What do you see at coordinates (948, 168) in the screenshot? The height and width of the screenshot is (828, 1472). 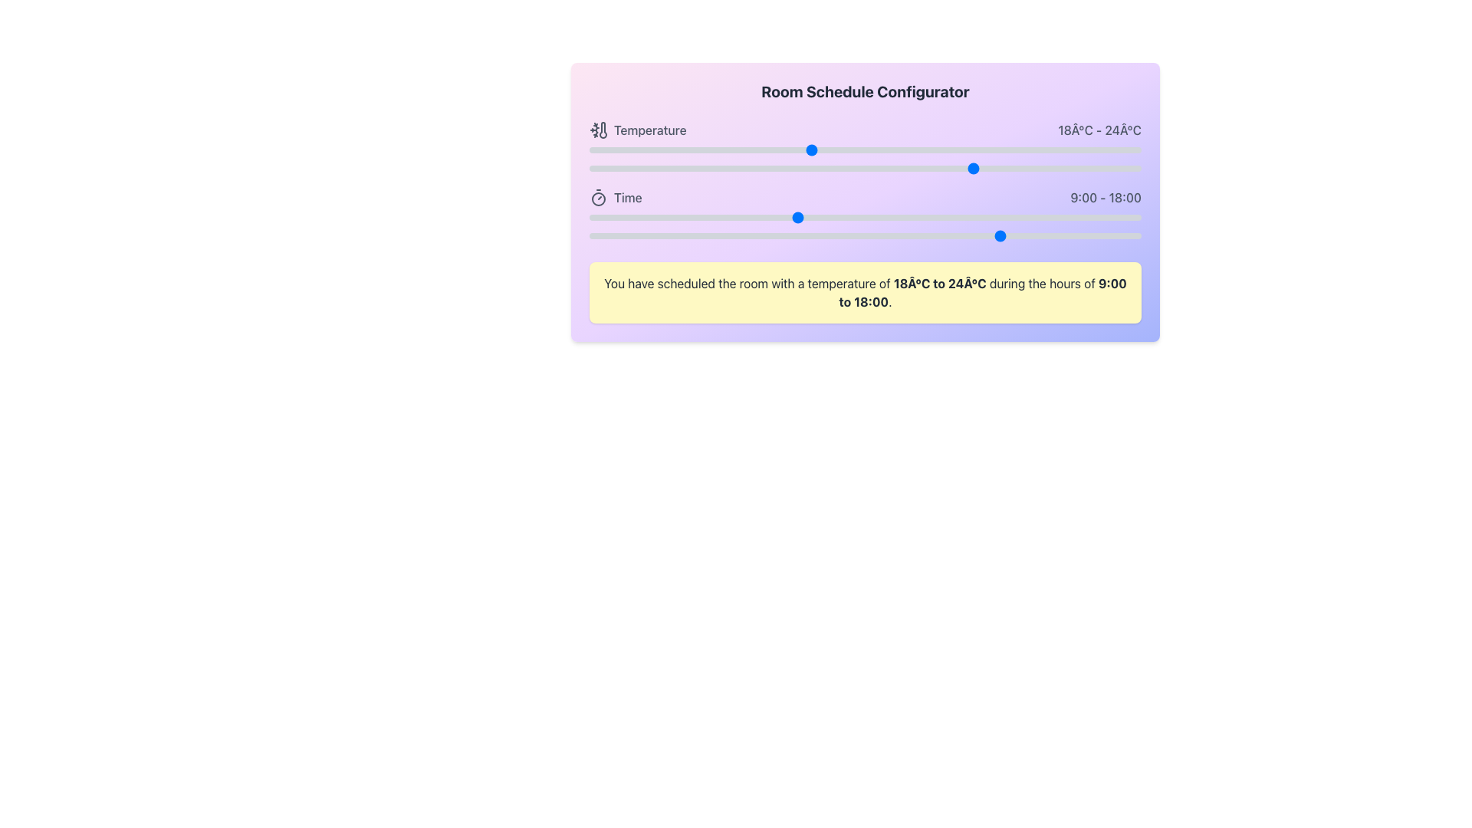 I see `the slider value` at bounding box center [948, 168].